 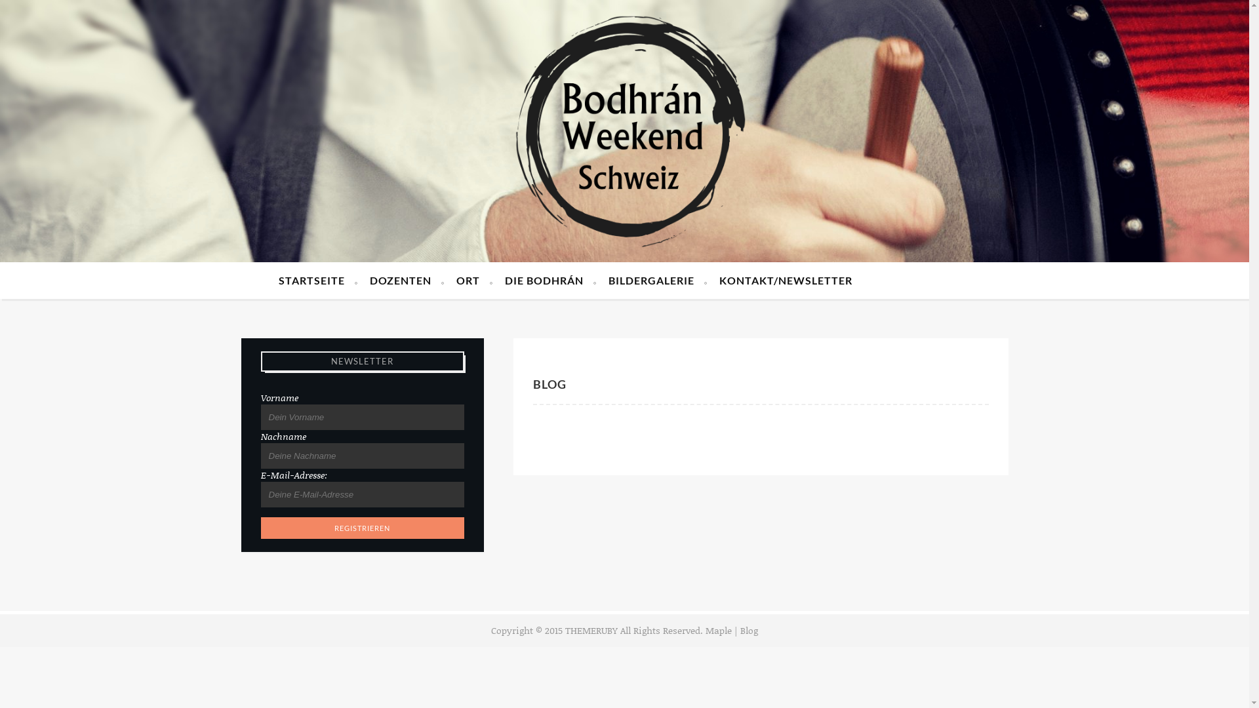 I want to click on 'DOZENTEN', so click(x=369, y=280).